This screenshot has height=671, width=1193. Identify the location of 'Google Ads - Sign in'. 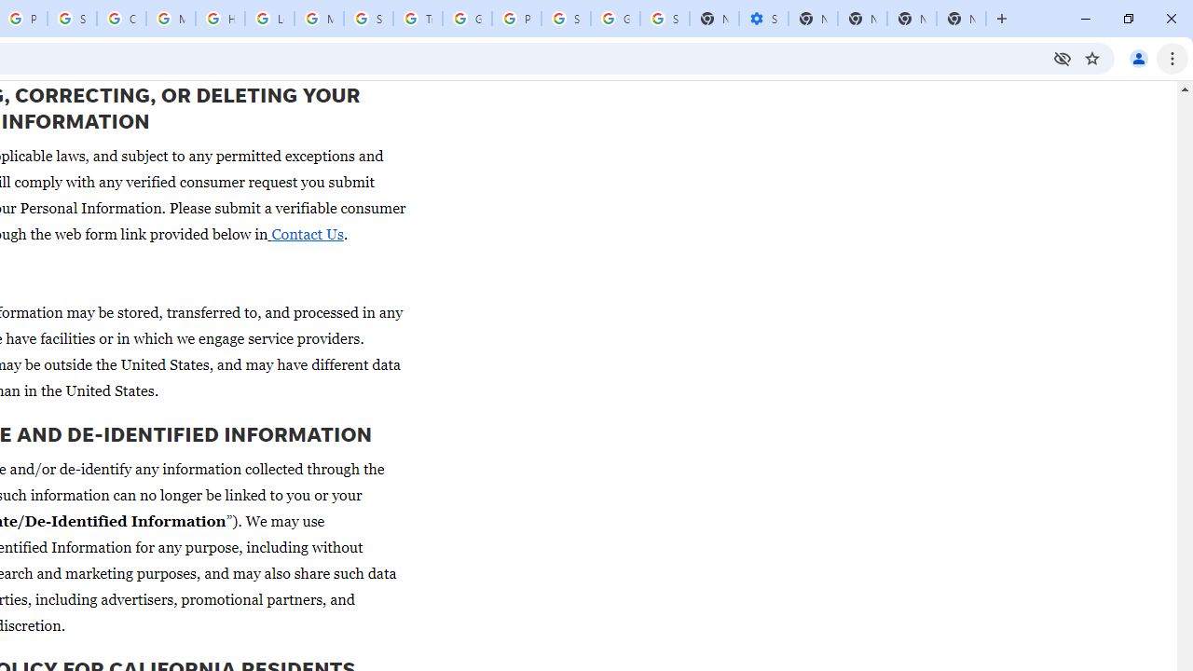
(467, 19).